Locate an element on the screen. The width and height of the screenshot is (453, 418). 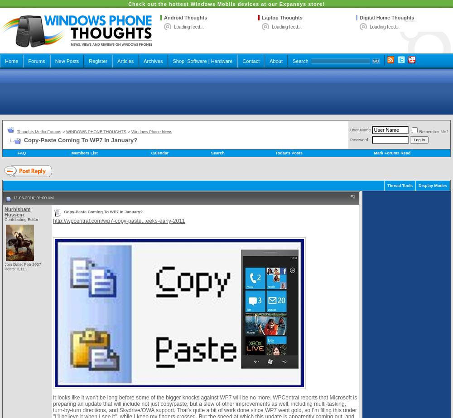
'1' is located at coordinates (353, 196).